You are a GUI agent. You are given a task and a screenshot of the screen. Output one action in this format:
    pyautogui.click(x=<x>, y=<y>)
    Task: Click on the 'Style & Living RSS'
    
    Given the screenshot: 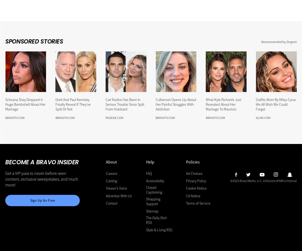 What is the action you would take?
    pyautogui.click(x=159, y=229)
    